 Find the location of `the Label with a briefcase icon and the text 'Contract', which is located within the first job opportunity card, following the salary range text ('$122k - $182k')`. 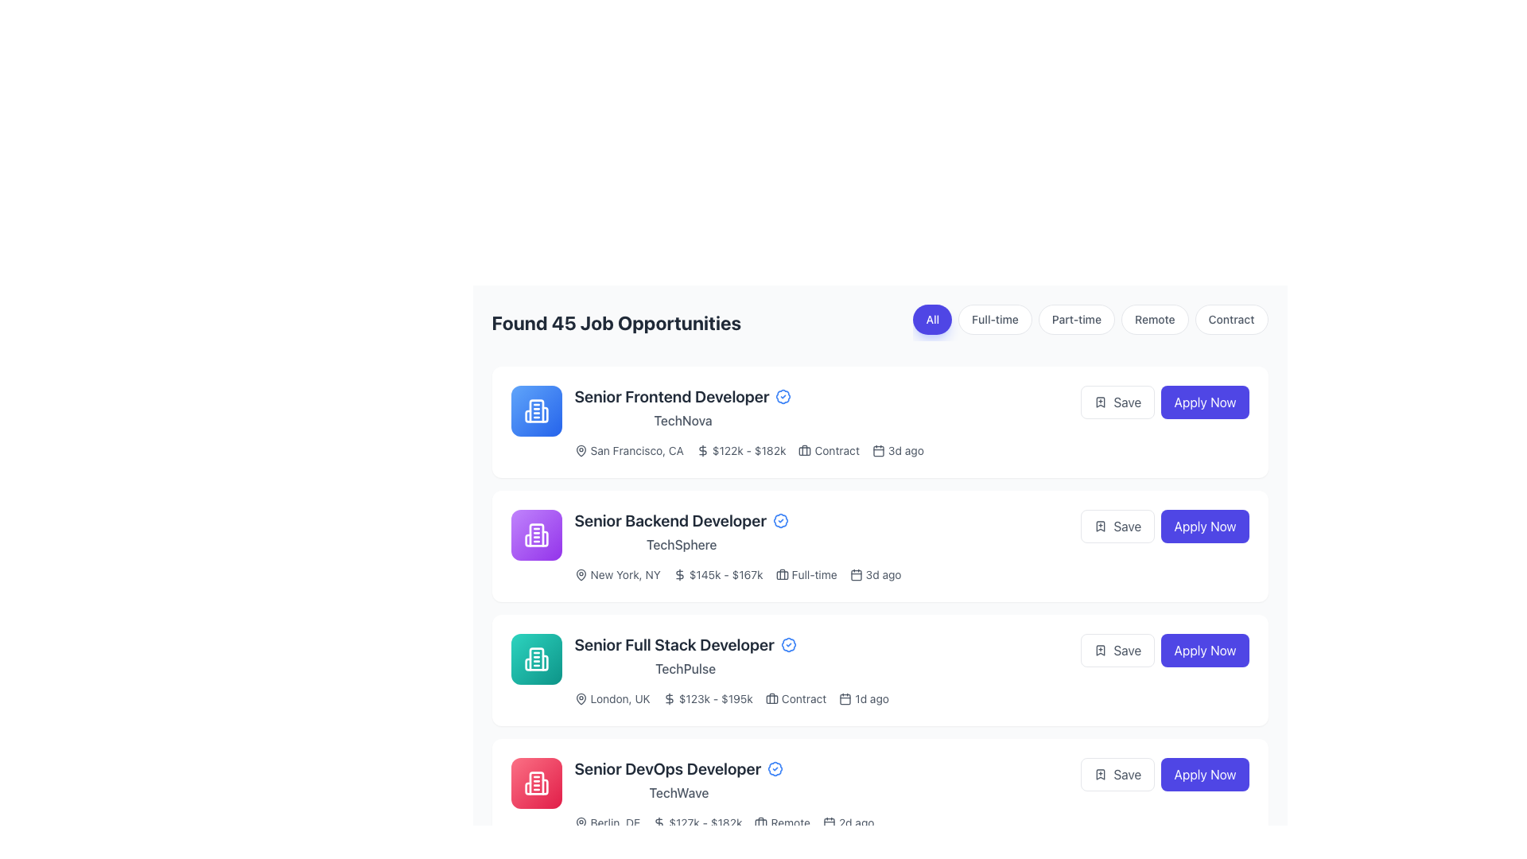

the Label with a briefcase icon and the text 'Contract', which is located within the first job opportunity card, following the salary range text ('$122k - $182k') is located at coordinates (828, 451).